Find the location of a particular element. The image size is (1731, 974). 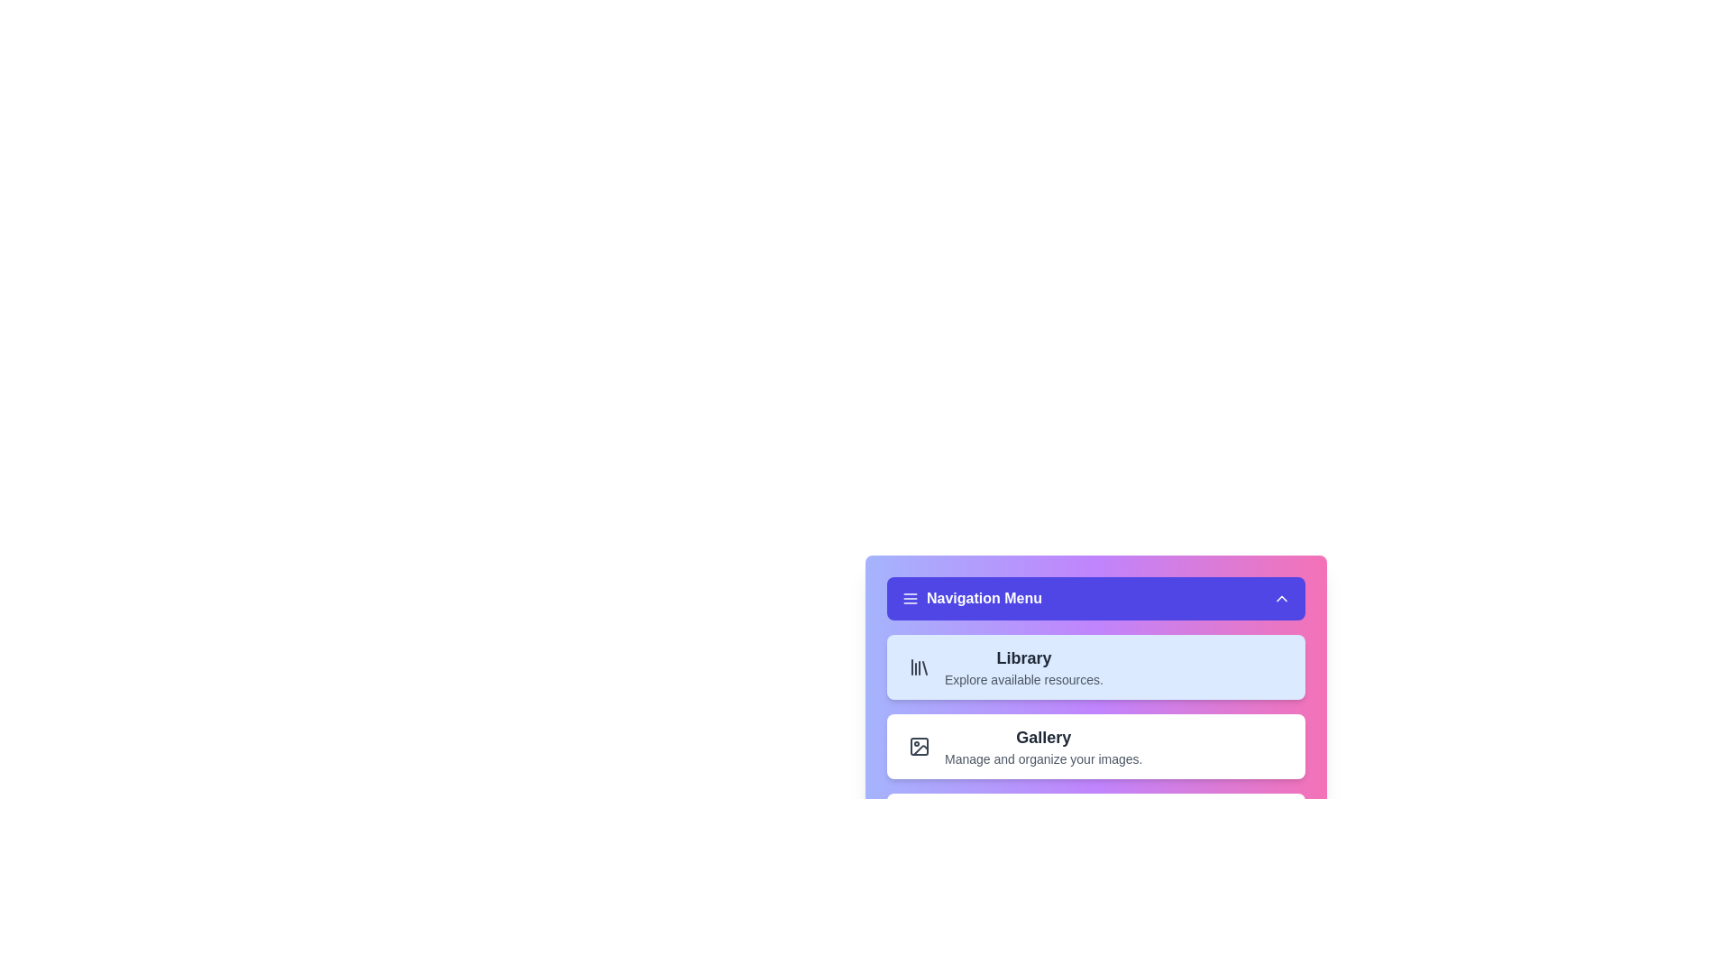

the menu option Library to observe its effects is located at coordinates (1094, 667).